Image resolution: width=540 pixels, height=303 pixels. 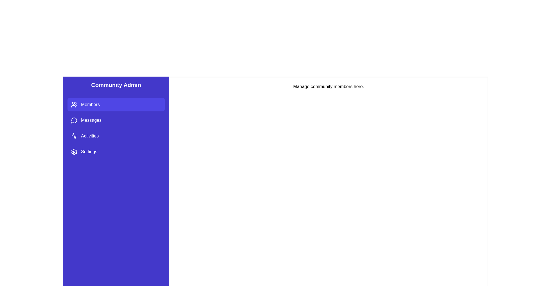 What do you see at coordinates (116, 151) in the screenshot?
I see `the settings button located in the vertical navigation list beneath the 'Activities' element` at bounding box center [116, 151].